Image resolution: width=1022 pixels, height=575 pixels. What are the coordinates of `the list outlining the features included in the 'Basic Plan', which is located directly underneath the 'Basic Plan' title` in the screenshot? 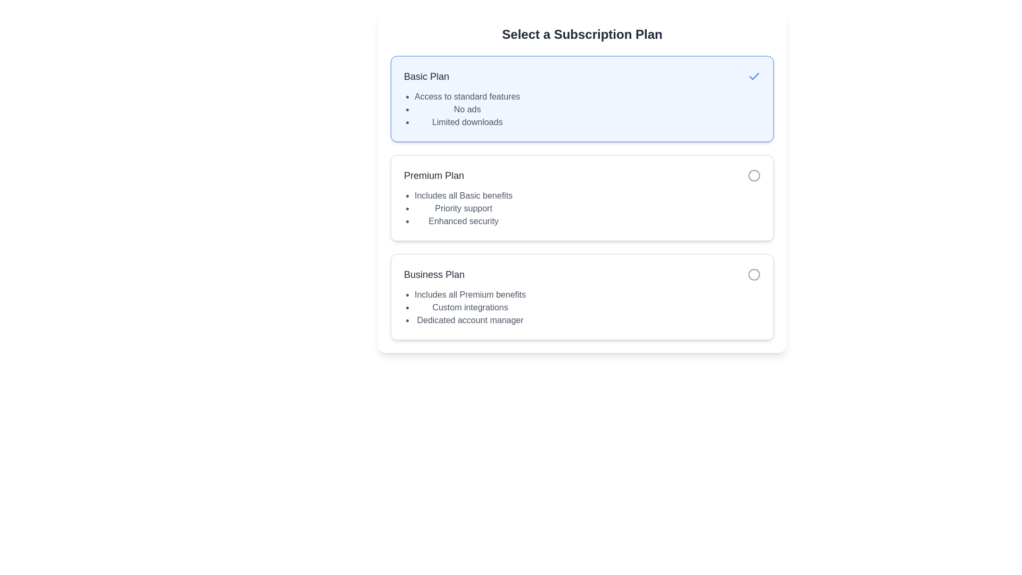 It's located at (462, 109).